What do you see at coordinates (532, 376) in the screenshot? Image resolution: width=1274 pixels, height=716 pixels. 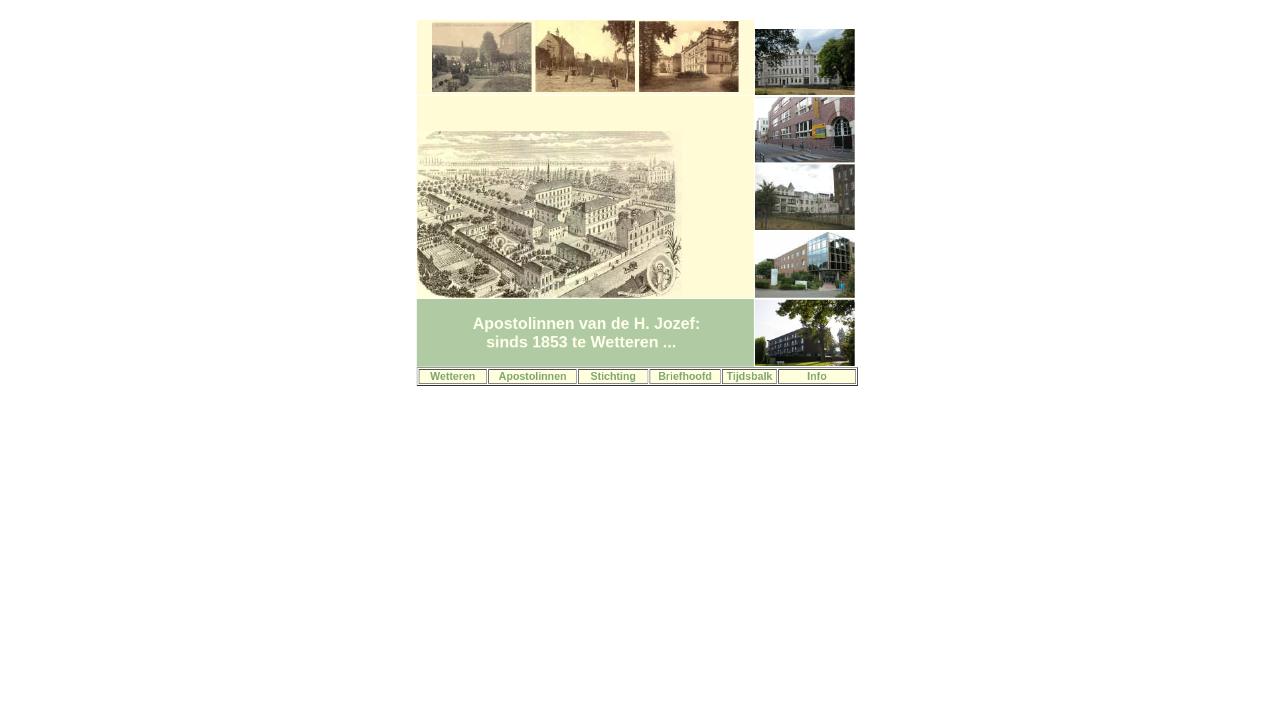 I see `'Apostolinnen'` at bounding box center [532, 376].